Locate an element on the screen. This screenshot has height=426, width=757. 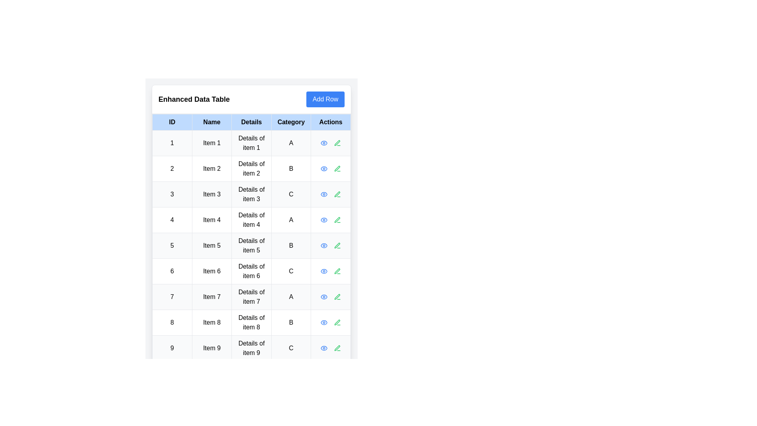
the edit icon in the 'Actions' column for 'Item 3' is located at coordinates (337, 194).